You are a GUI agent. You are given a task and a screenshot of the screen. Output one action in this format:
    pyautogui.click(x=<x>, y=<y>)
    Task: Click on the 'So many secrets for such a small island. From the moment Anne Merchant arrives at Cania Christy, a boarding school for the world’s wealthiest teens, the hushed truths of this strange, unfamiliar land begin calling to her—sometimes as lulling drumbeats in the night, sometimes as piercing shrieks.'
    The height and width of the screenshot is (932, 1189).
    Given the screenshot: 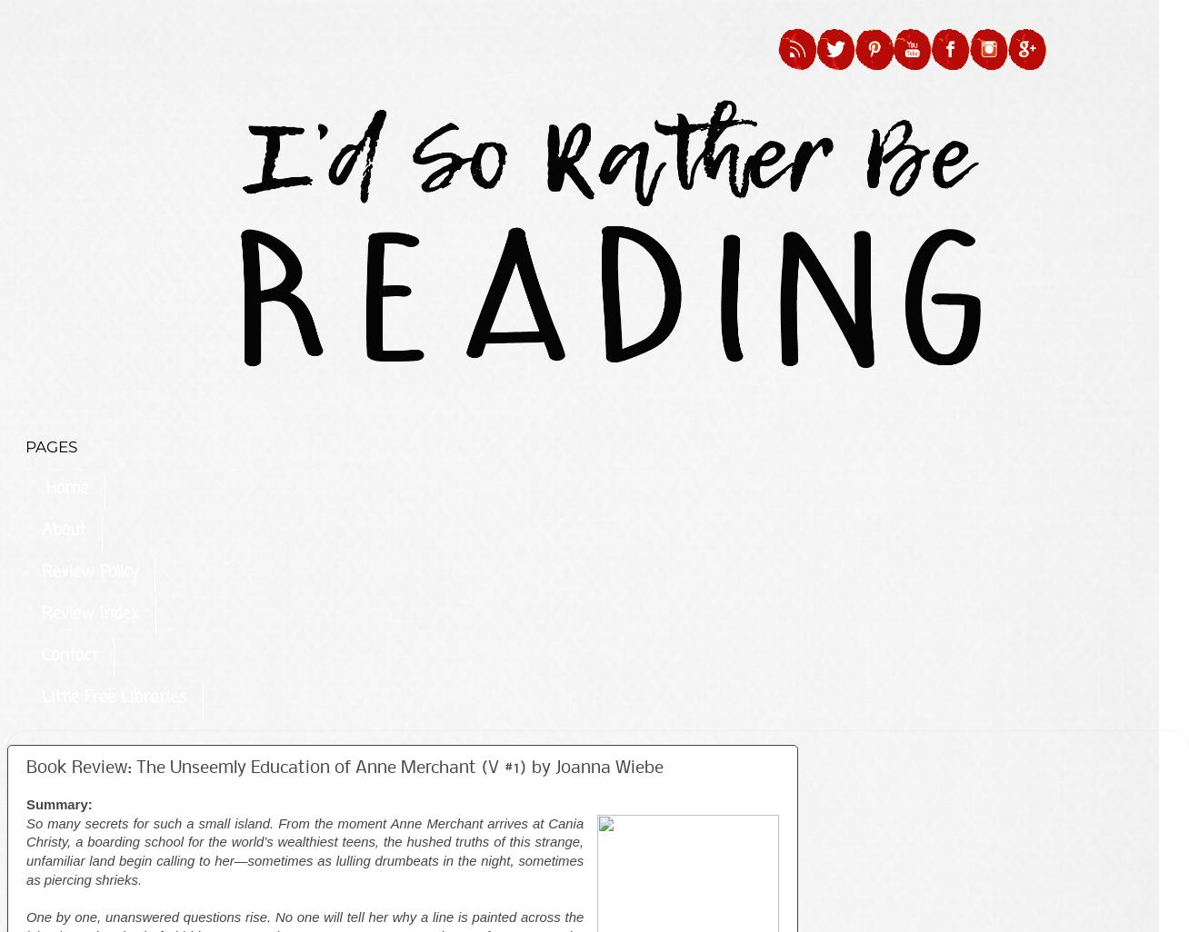 What is the action you would take?
    pyautogui.click(x=305, y=851)
    